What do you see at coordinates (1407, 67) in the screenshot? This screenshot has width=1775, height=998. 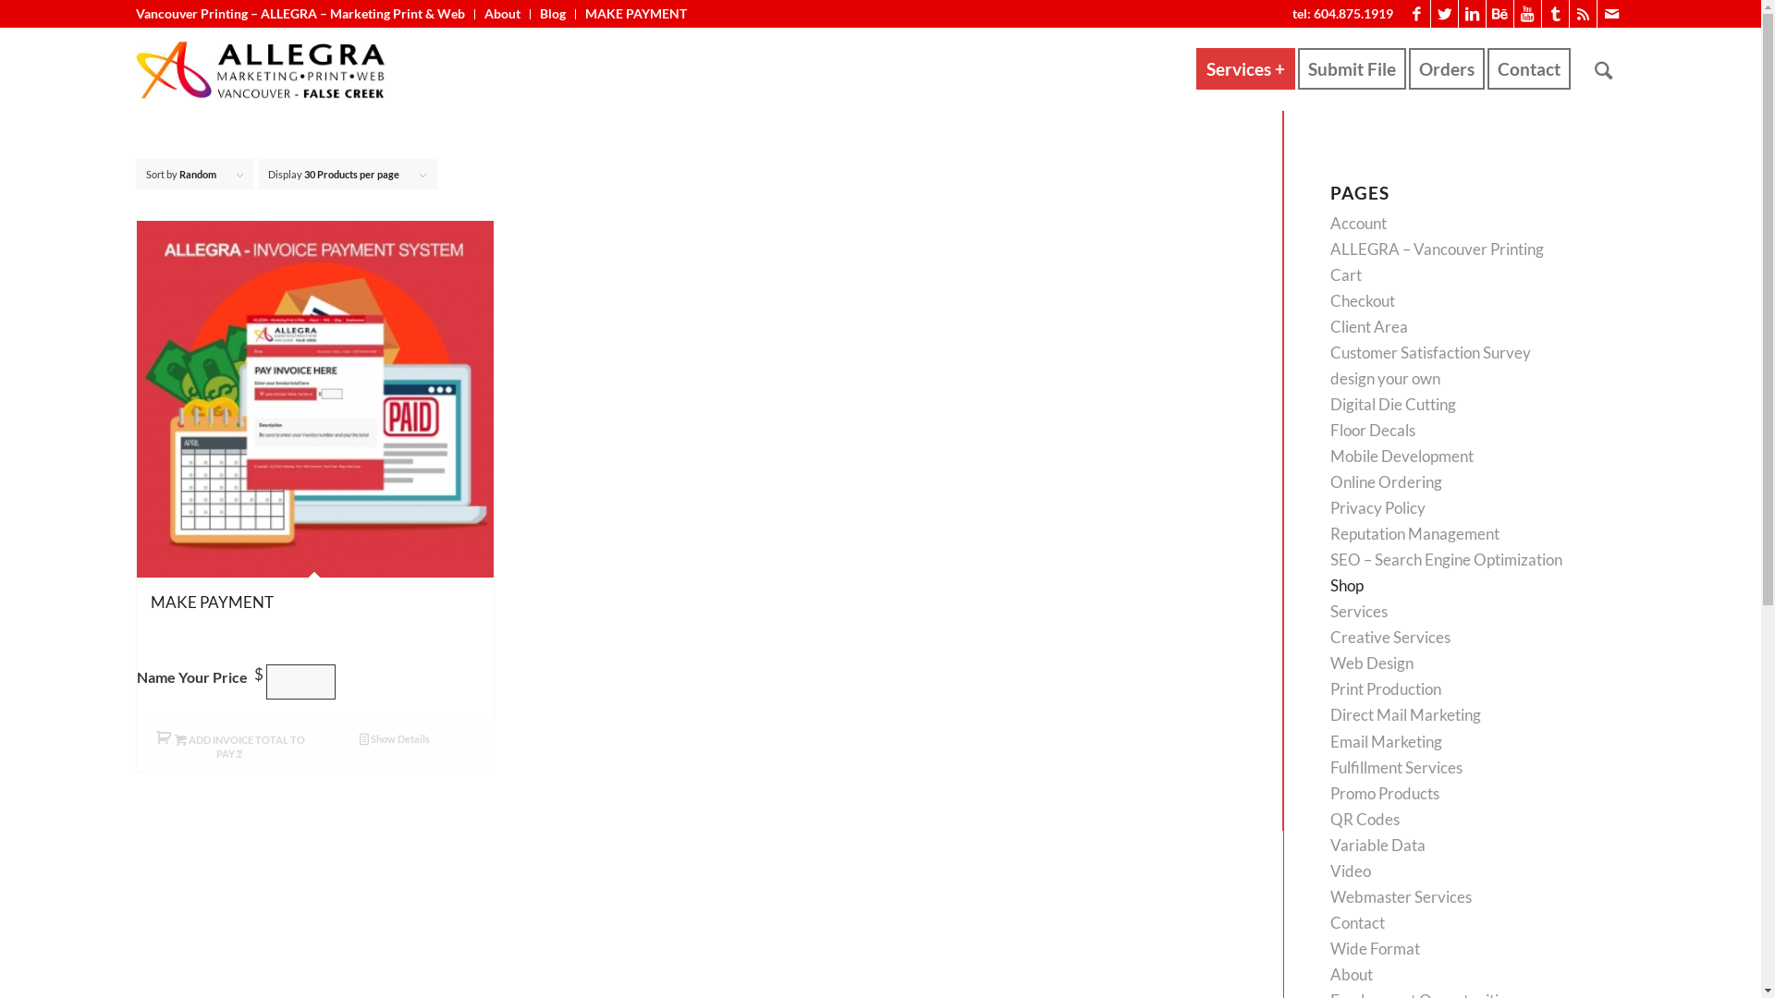 I see `'Orders'` at bounding box center [1407, 67].